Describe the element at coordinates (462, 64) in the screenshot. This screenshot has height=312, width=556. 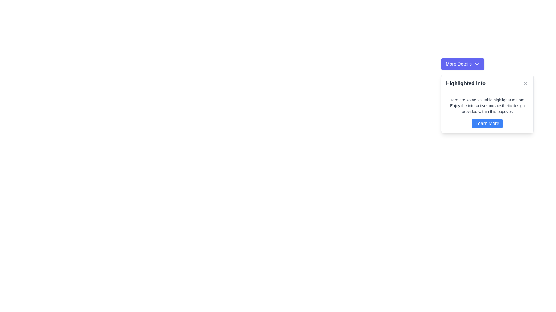
I see `the Dropdown Trigger Button with the text 'More Details' and a downward-facing arrow icon` at that location.